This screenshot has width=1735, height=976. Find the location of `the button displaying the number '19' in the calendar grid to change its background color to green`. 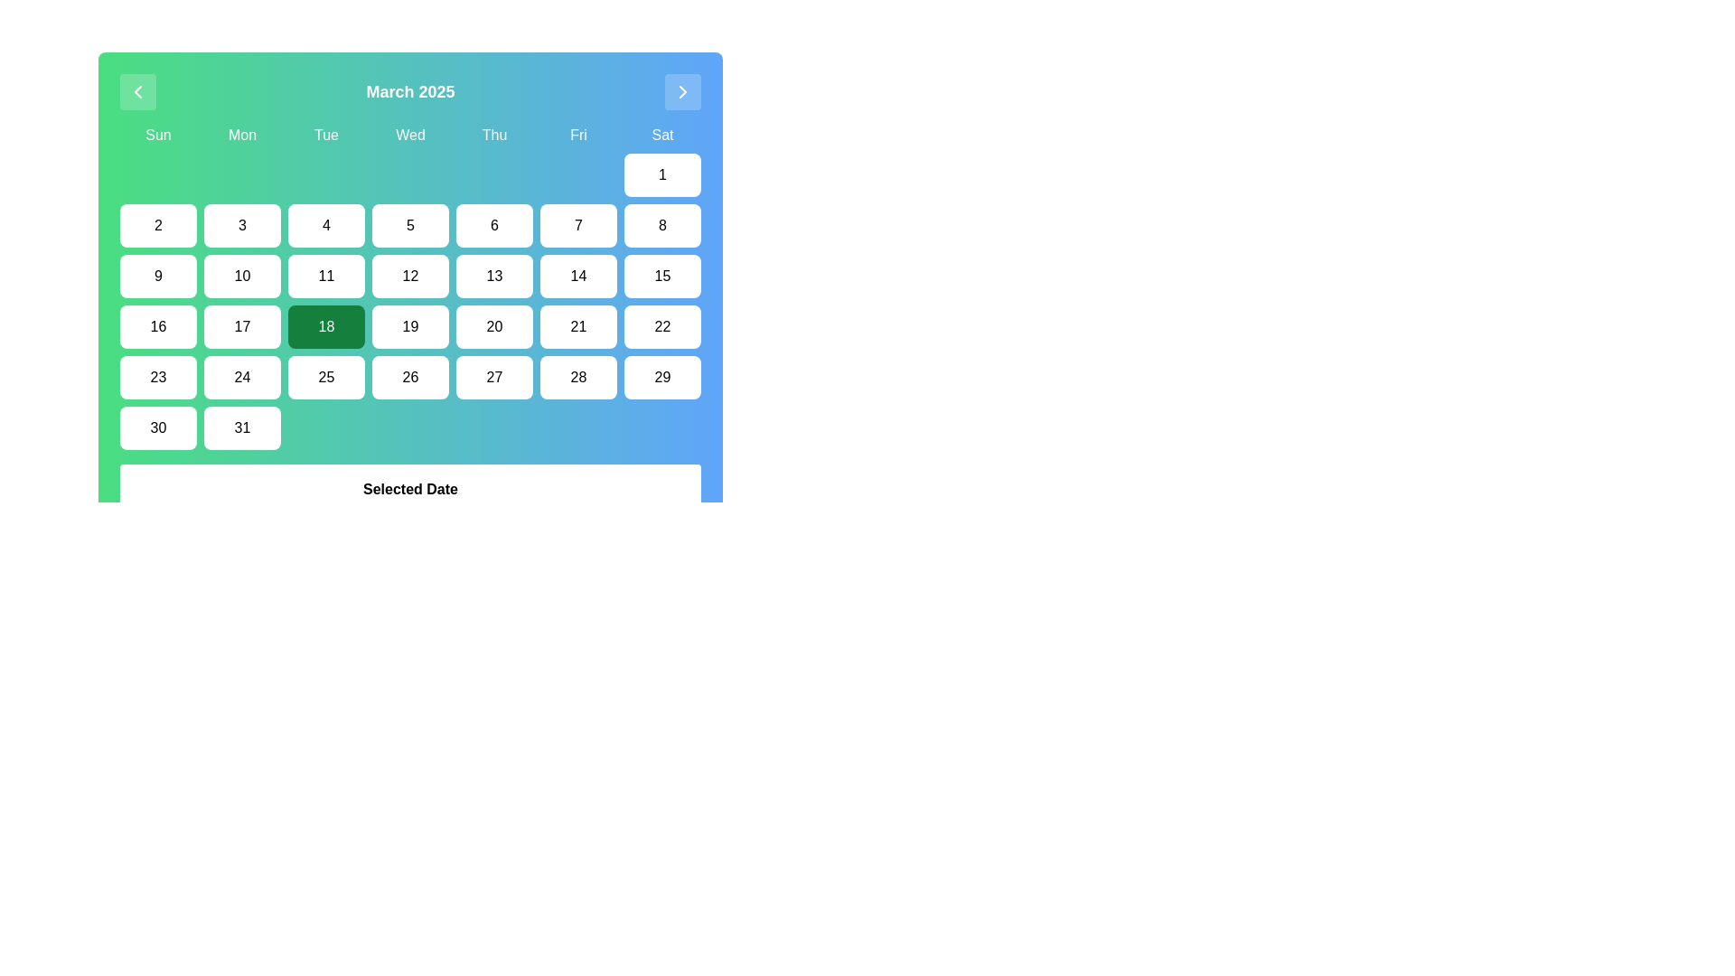

the button displaying the number '19' in the calendar grid to change its background color to green is located at coordinates (409, 327).